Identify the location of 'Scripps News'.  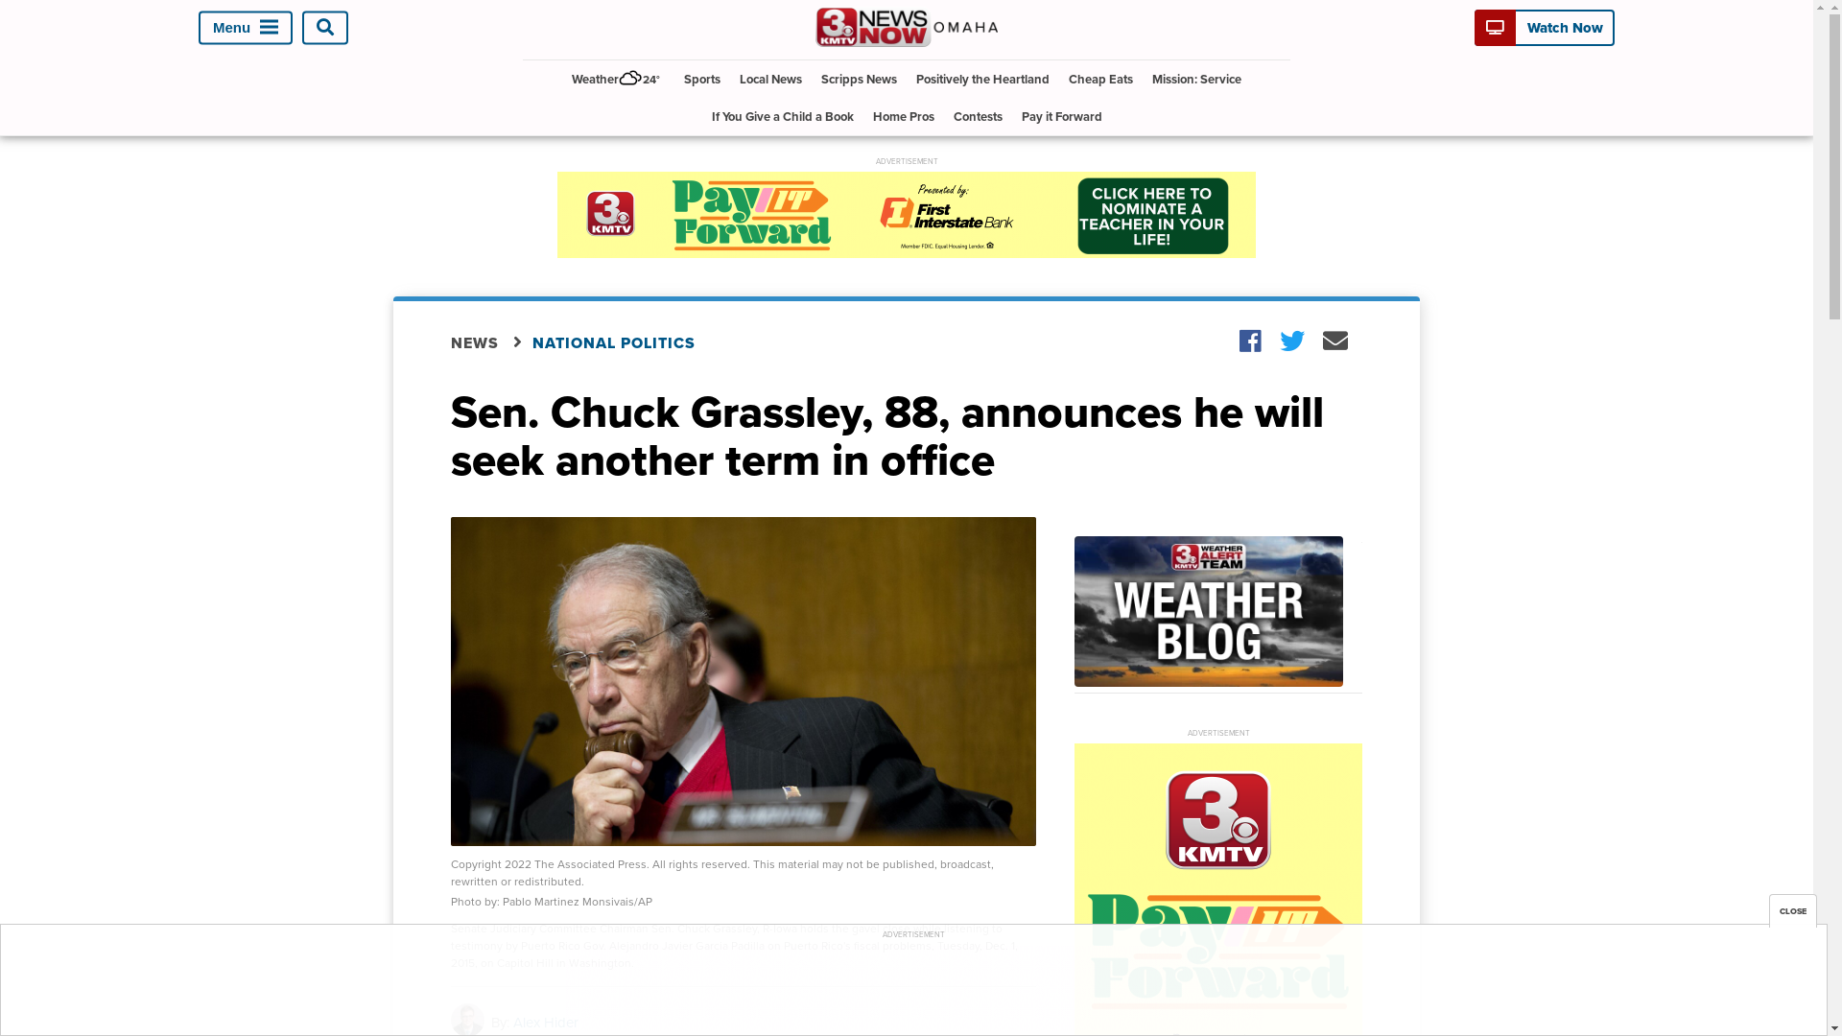
(858, 78).